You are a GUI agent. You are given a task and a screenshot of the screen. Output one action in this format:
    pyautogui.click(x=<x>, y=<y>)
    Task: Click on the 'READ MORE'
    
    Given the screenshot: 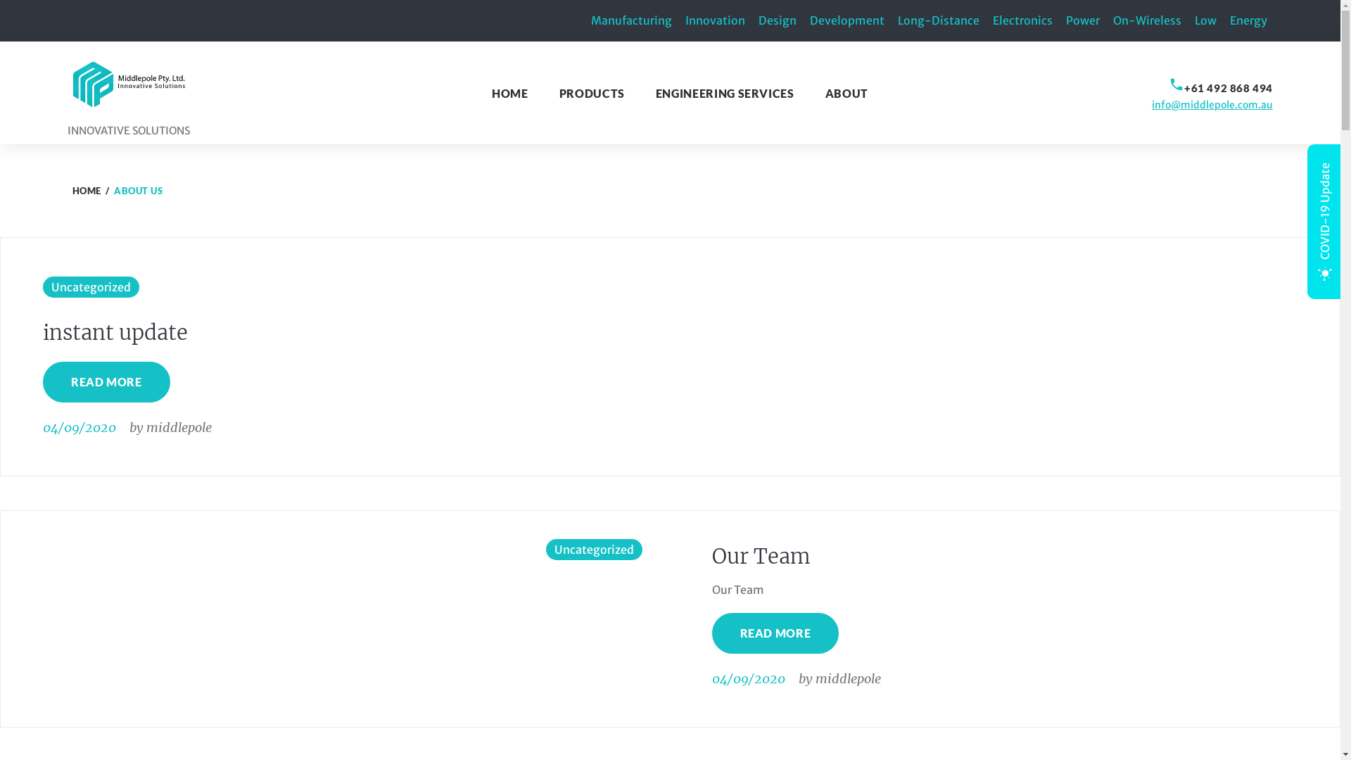 What is the action you would take?
    pyautogui.click(x=106, y=382)
    